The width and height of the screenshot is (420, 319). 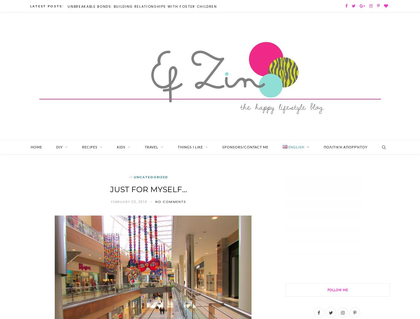 What do you see at coordinates (150, 177) in the screenshot?
I see `'Uncategorized'` at bounding box center [150, 177].